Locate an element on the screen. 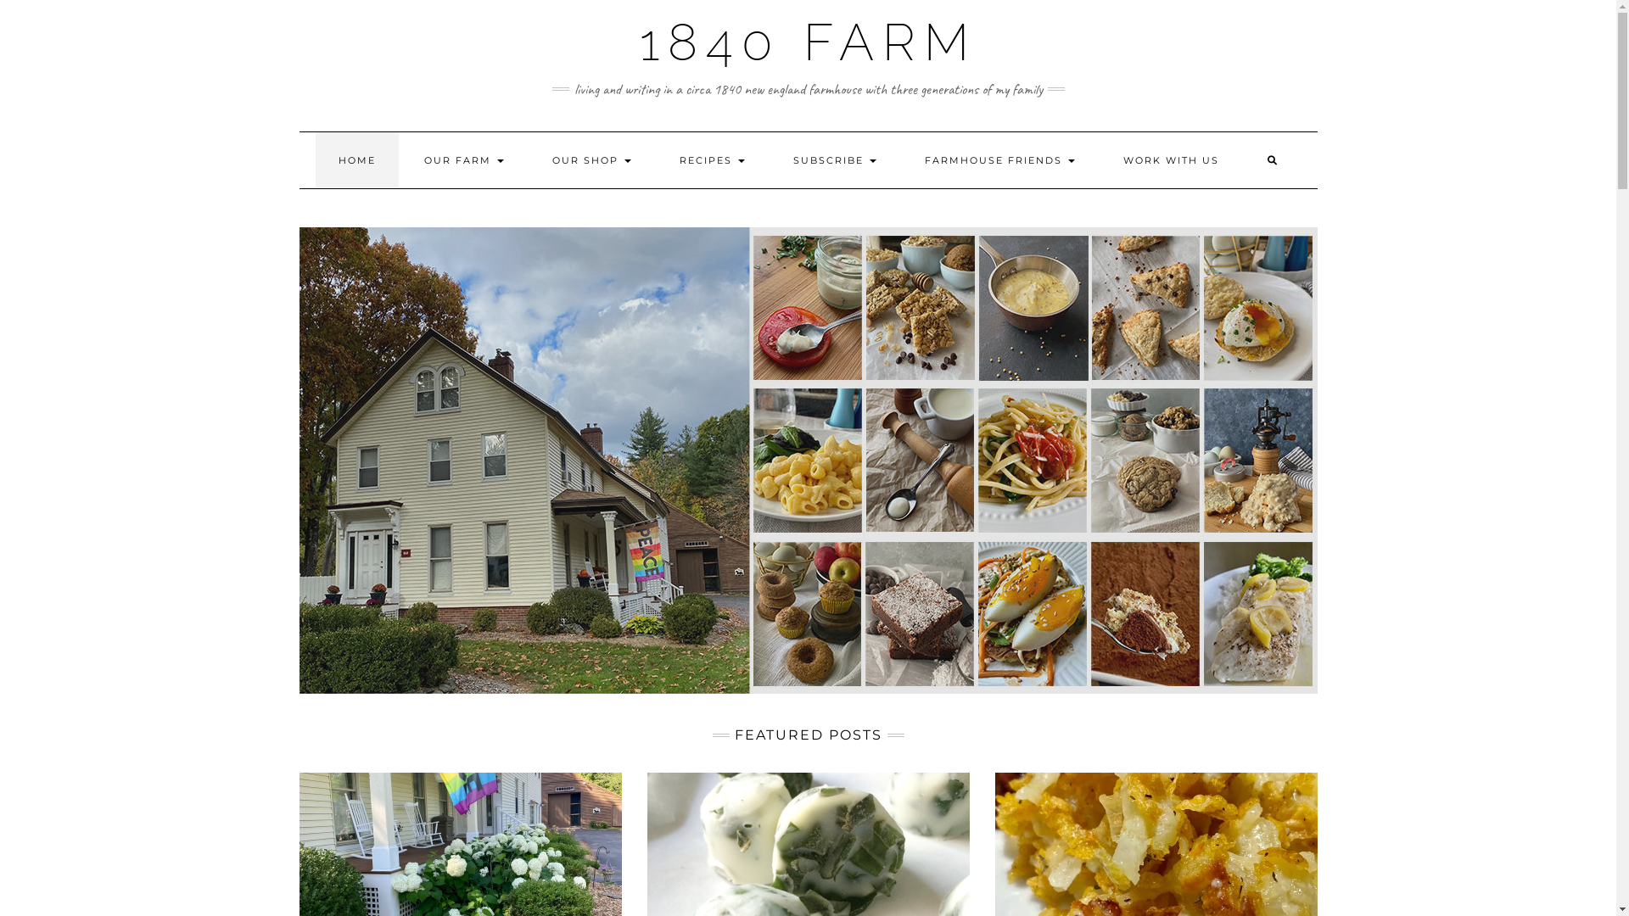 The width and height of the screenshot is (1629, 916). 'WORK WITH US' is located at coordinates (1169, 160).